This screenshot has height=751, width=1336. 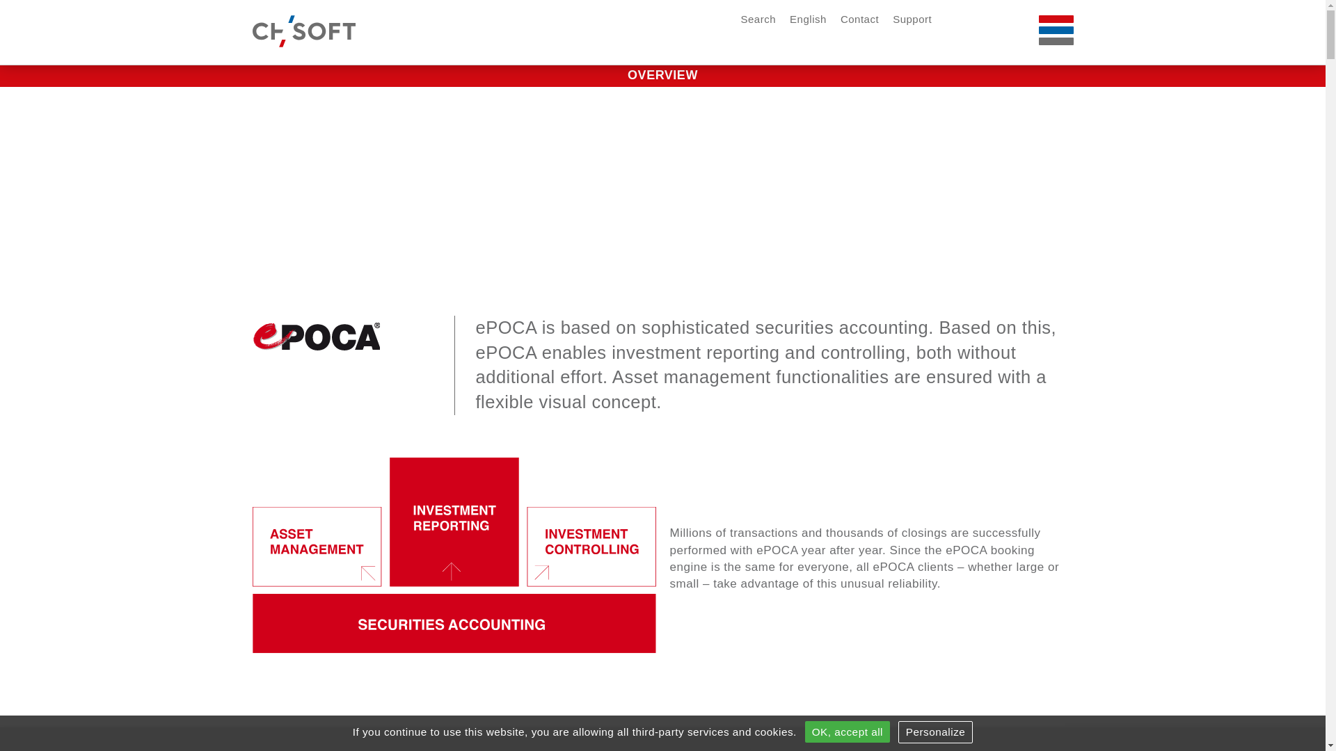 What do you see at coordinates (859, 19) in the screenshot?
I see `'Contact'` at bounding box center [859, 19].